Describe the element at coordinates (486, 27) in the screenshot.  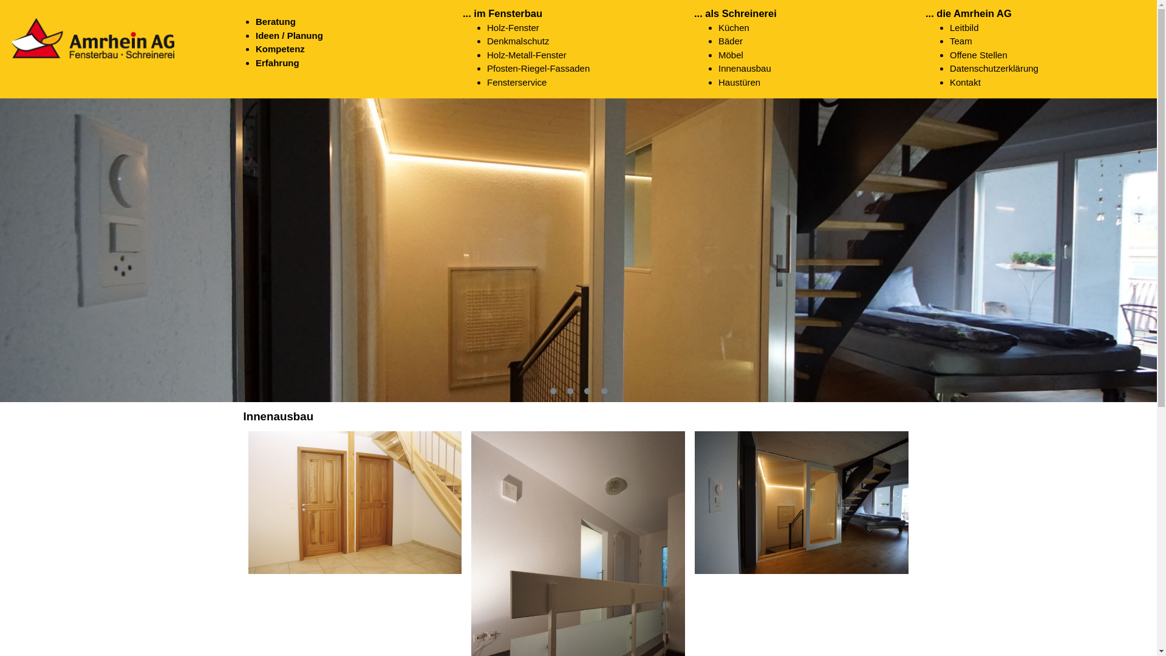
I see `'Holz-Fenster'` at that location.